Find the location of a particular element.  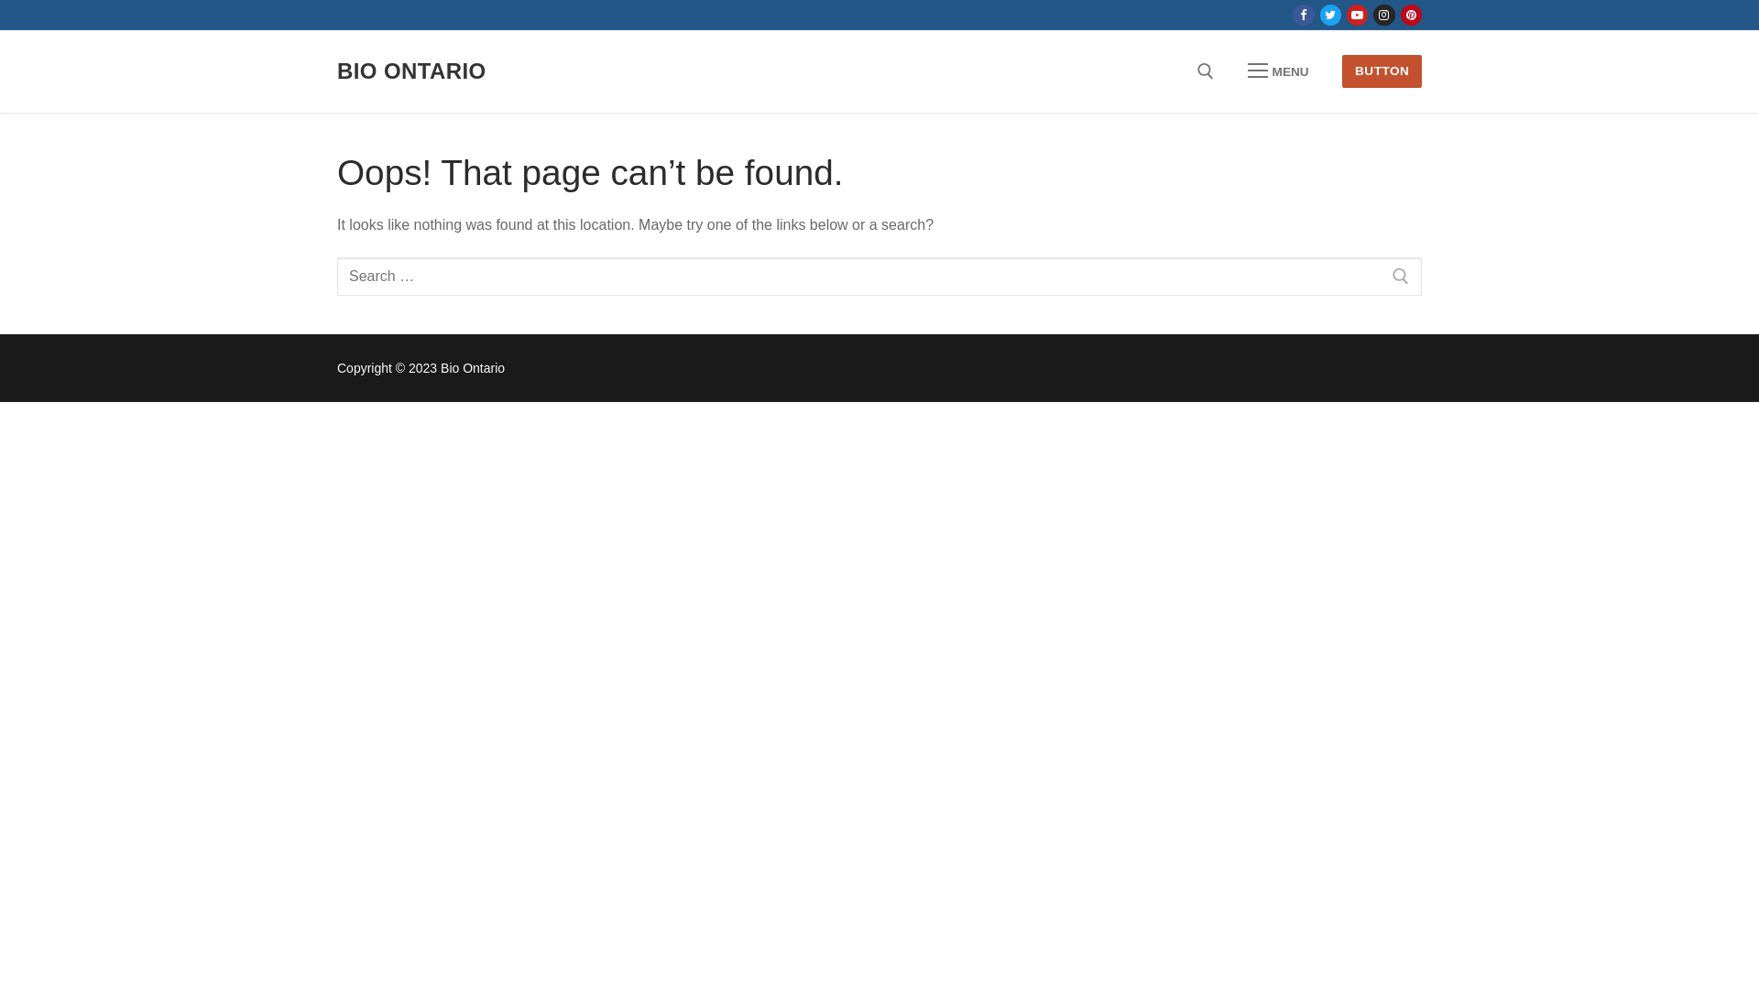

'Instagram' is located at coordinates (1383, 15).